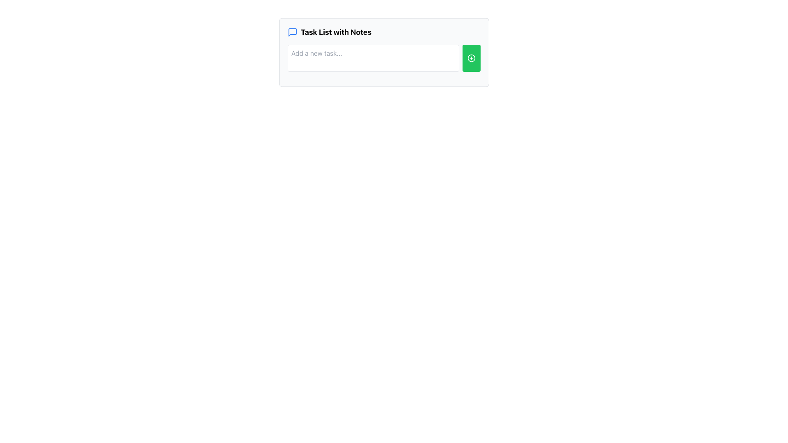 The width and height of the screenshot is (788, 443). I want to click on the outer circular component of the '+' icon within the green button, located to the right of the 'Add a new task...' input field, so click(471, 58).